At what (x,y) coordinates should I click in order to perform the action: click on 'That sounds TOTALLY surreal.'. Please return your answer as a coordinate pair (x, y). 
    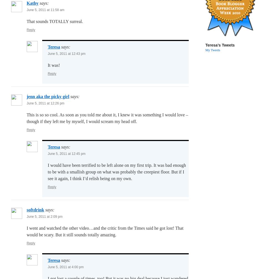
    Looking at the image, I should click on (55, 21).